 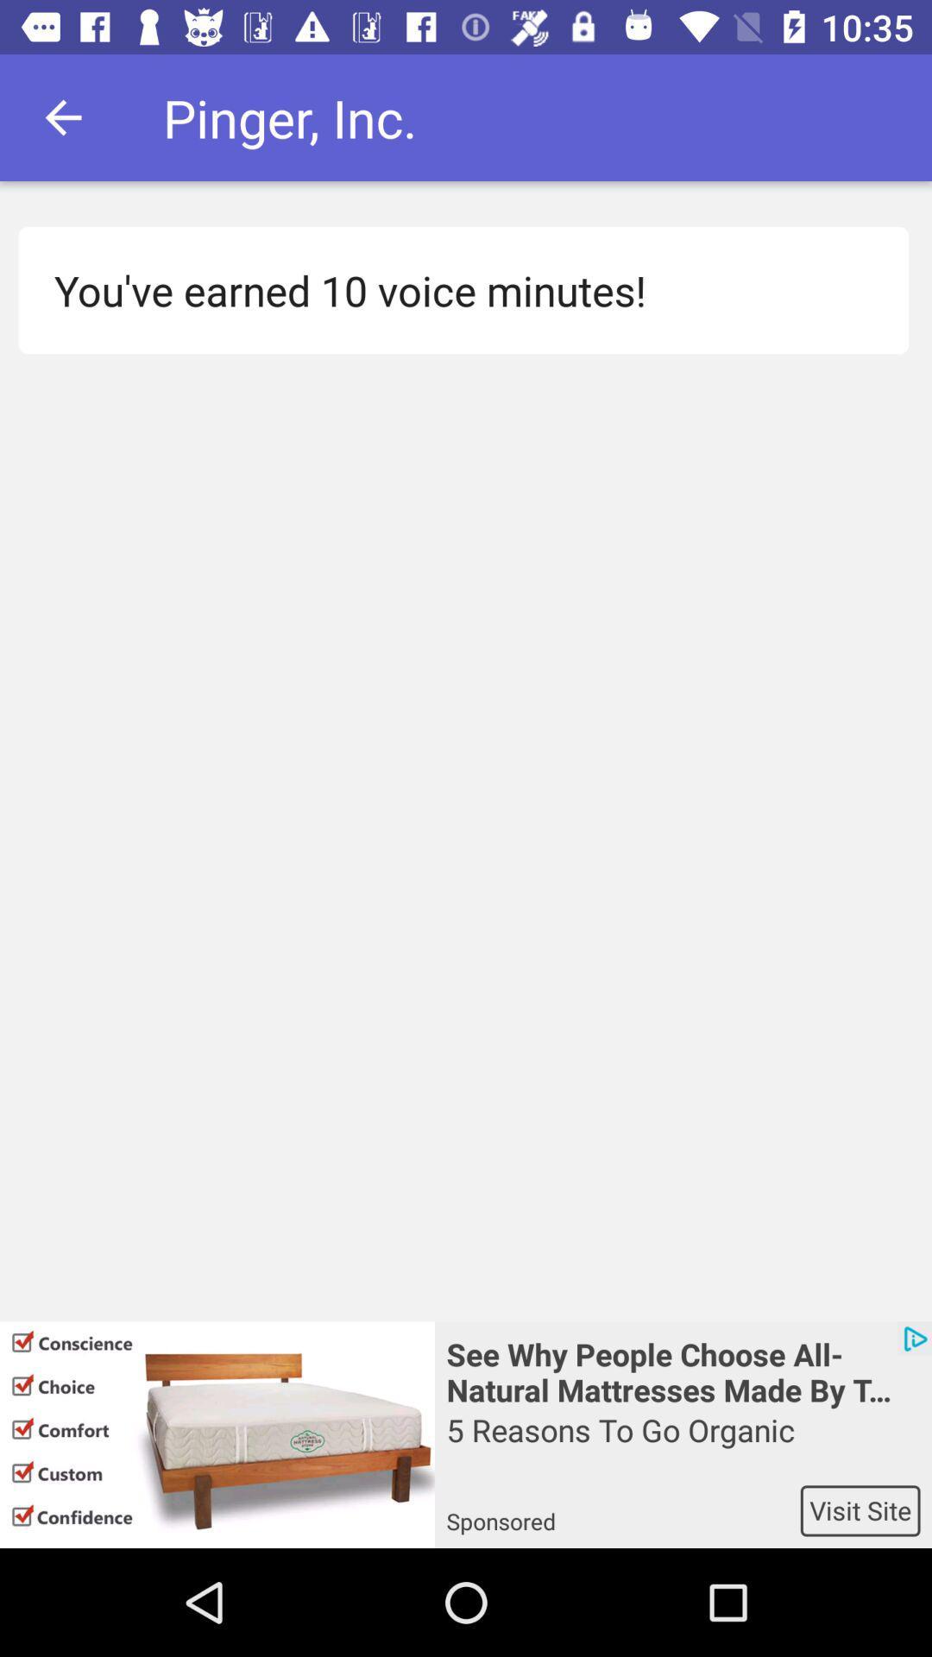 What do you see at coordinates (682, 1446) in the screenshot?
I see `the 5 reasons to app` at bounding box center [682, 1446].